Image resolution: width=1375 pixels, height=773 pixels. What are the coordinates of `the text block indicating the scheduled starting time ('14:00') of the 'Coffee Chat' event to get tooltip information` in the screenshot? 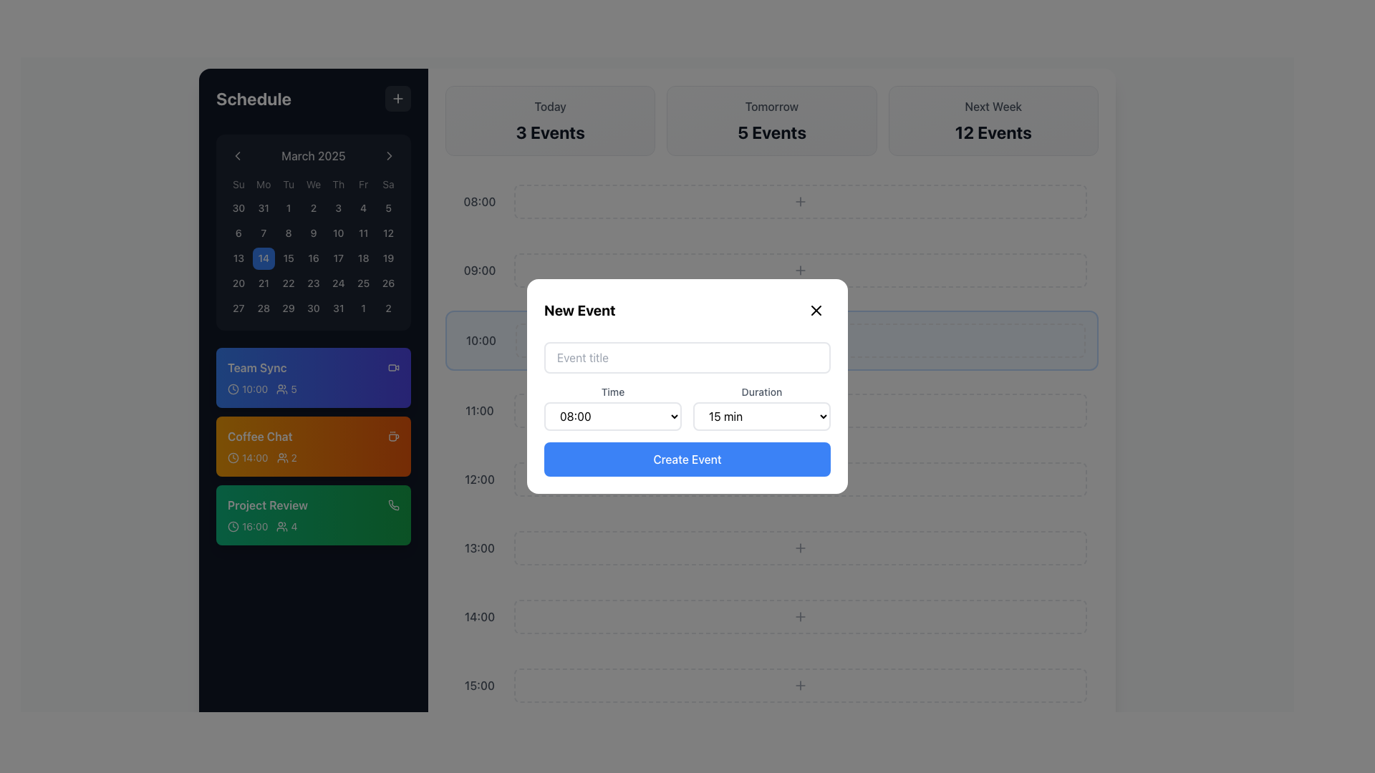 It's located at (248, 458).